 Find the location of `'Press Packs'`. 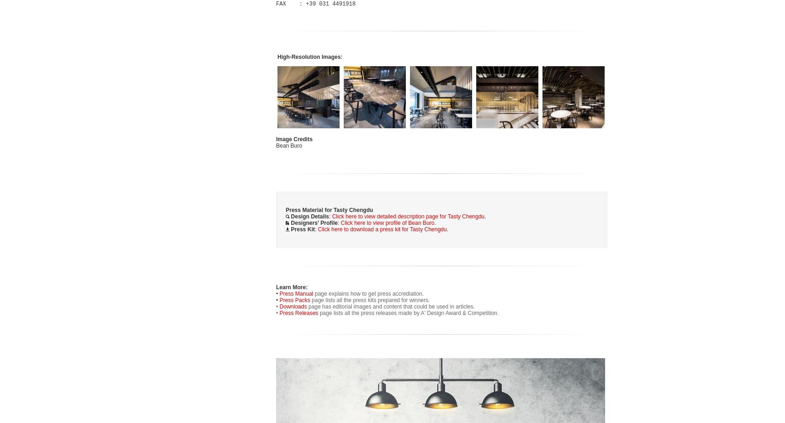

'Press Packs' is located at coordinates (294, 300).